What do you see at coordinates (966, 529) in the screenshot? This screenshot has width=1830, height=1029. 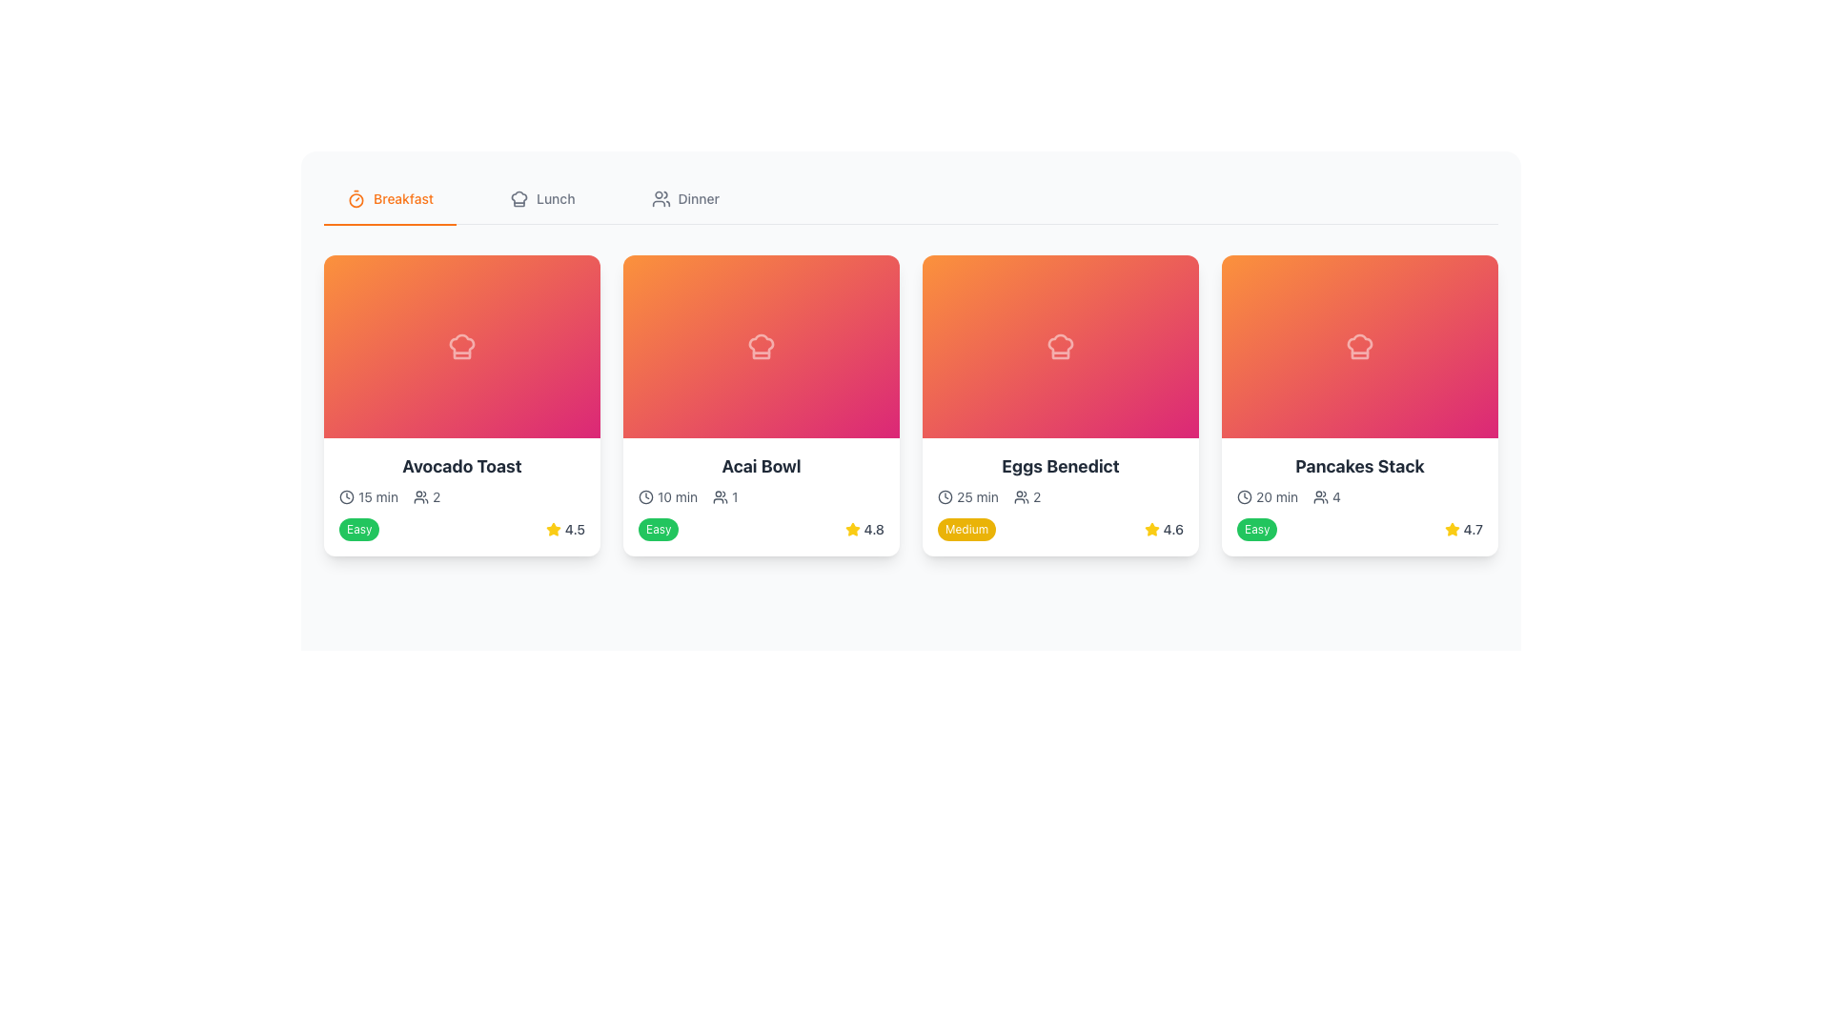 I see `the small yellow rounded rectangle label containing the white text 'Medium', located within the 'Eggs Benedict' card, positioned towards the bottom-left below the time and servings information` at bounding box center [966, 529].